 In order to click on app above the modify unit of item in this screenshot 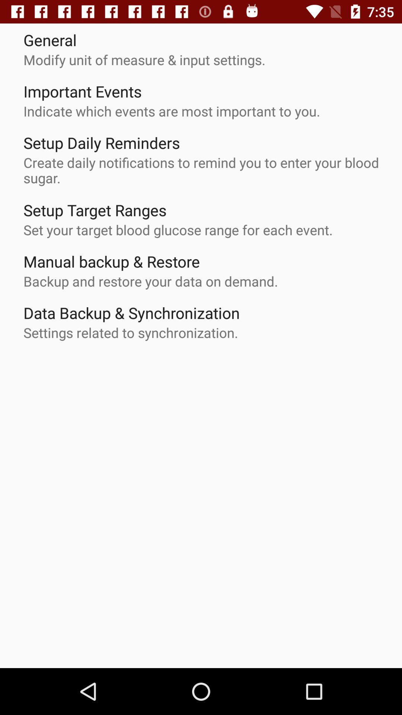, I will do `click(50, 39)`.